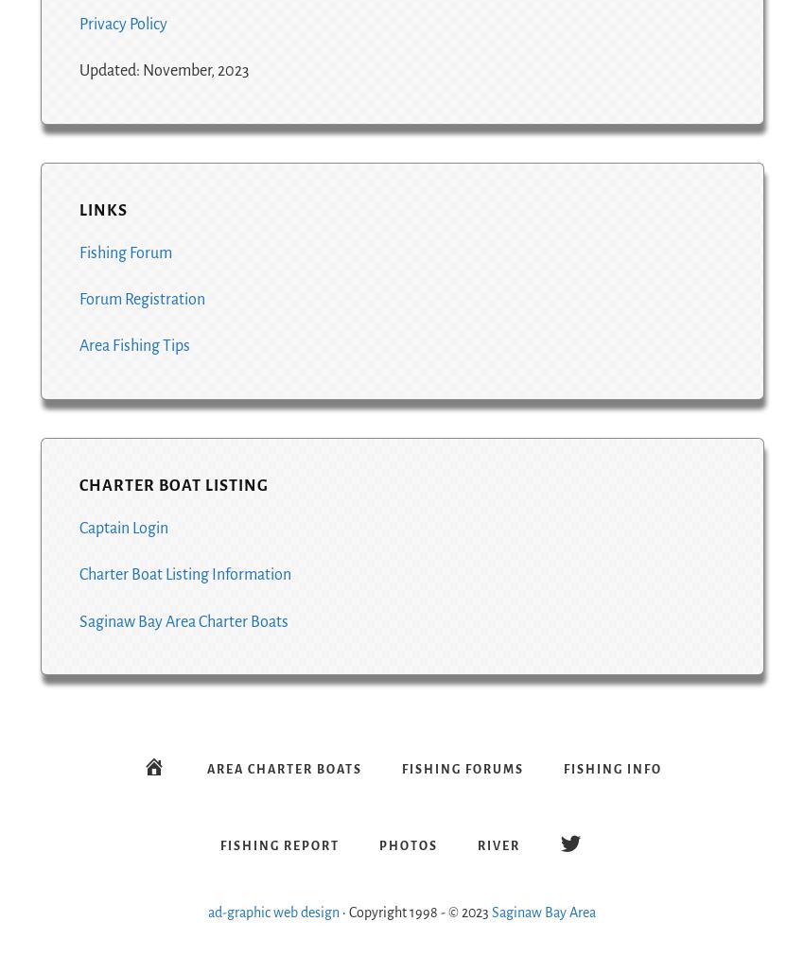 Image resolution: width=804 pixels, height=974 pixels. I want to click on 'Privacy Policy', so click(78, 24).